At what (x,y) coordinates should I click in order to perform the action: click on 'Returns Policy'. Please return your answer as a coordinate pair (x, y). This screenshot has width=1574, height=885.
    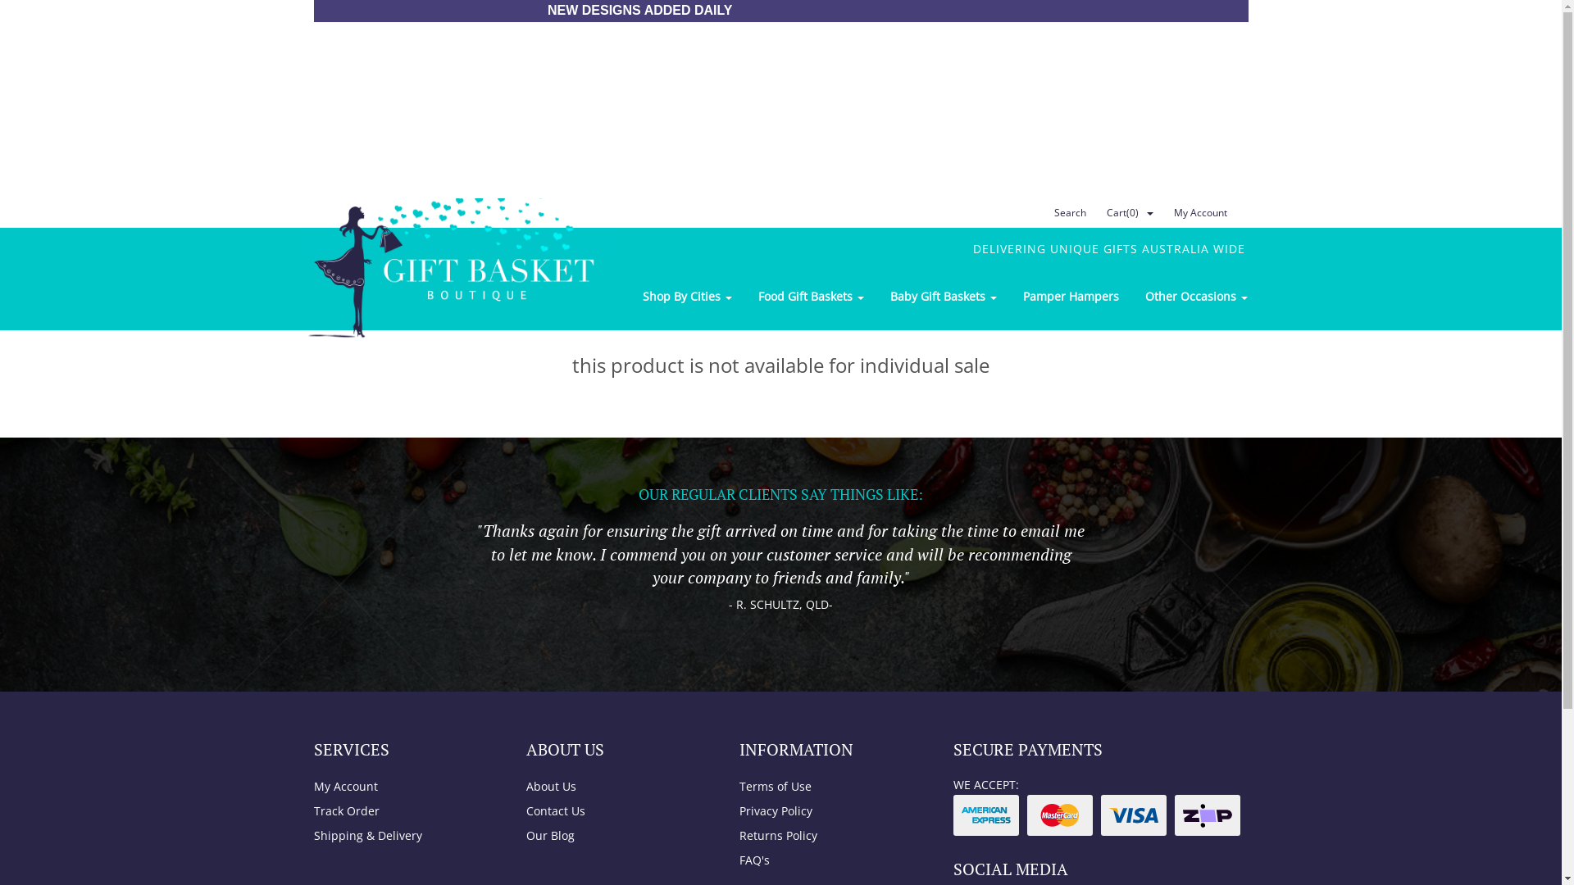
    Looking at the image, I should click on (827, 835).